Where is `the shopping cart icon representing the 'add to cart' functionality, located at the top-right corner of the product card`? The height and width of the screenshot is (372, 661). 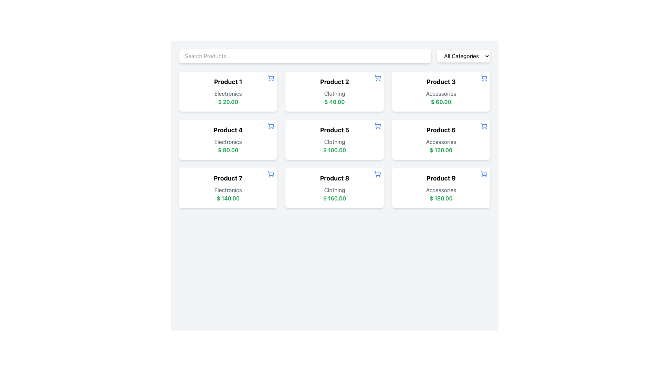
the shopping cart icon representing the 'add to cart' functionality, located at the top-right corner of the product card is located at coordinates (271, 173).